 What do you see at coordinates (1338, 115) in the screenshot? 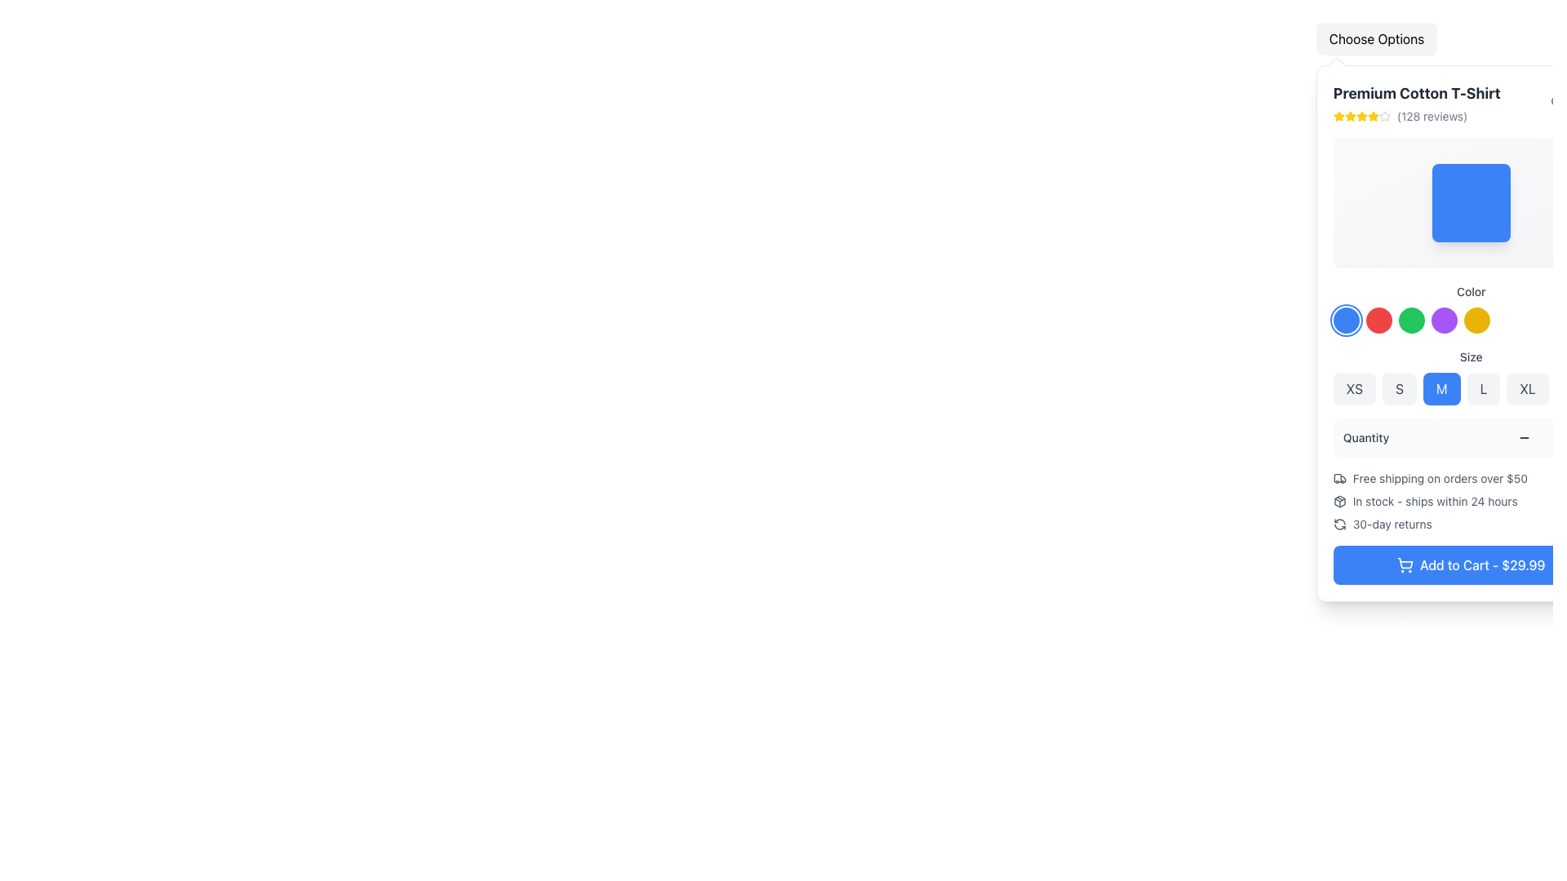
I see `the second yellow star icon in the rating system near the 'Premium Cotton T-Shirt' title to provide or adjust the rating` at bounding box center [1338, 115].